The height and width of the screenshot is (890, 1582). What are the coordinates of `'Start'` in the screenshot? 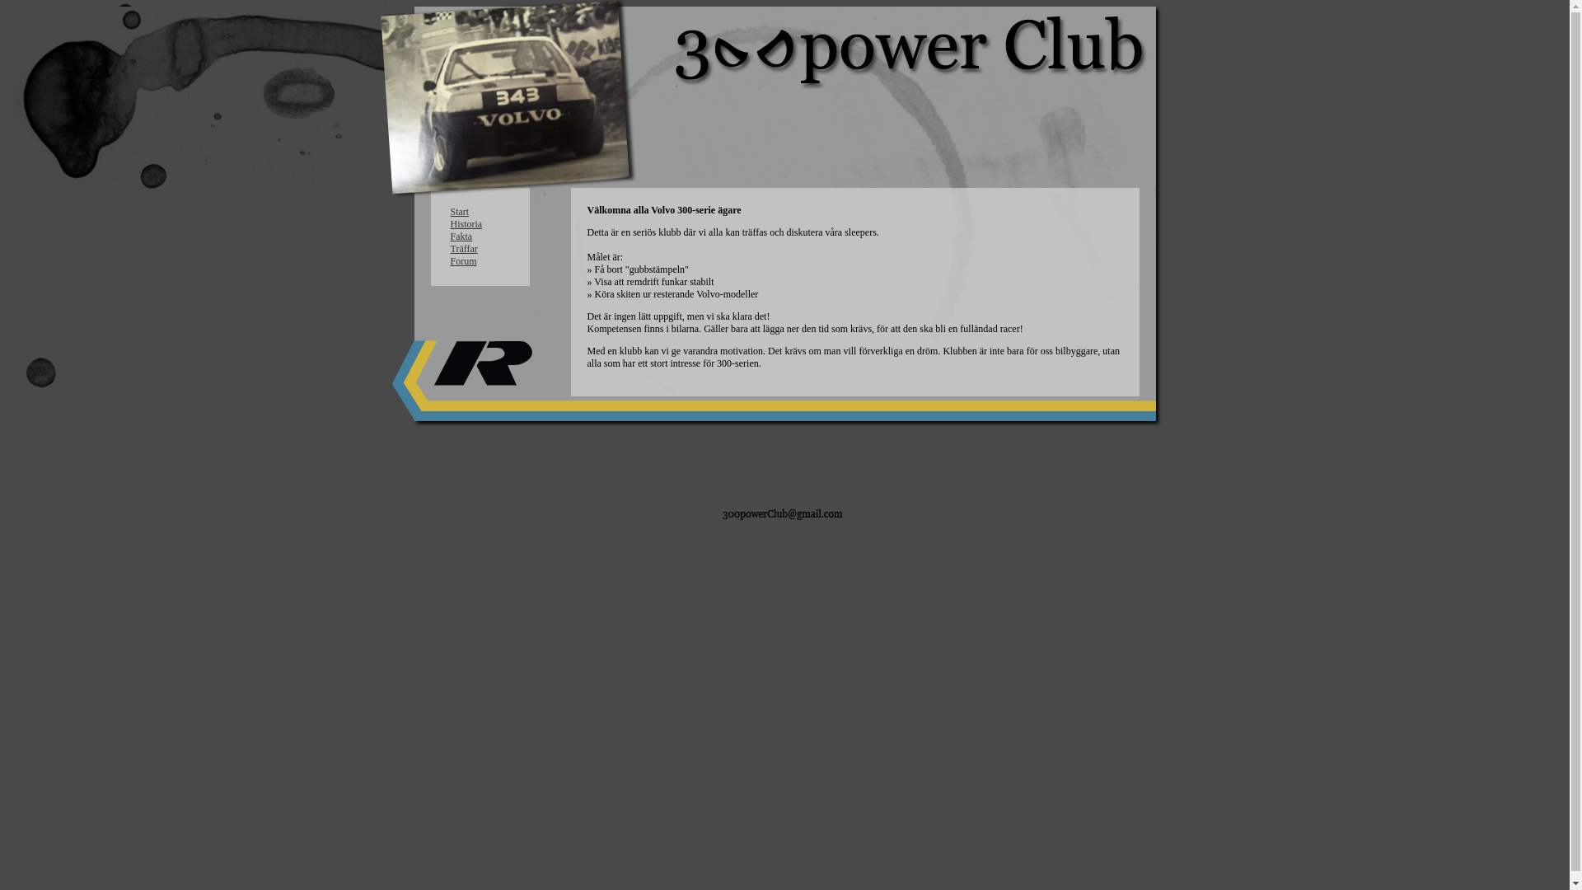 It's located at (459, 211).